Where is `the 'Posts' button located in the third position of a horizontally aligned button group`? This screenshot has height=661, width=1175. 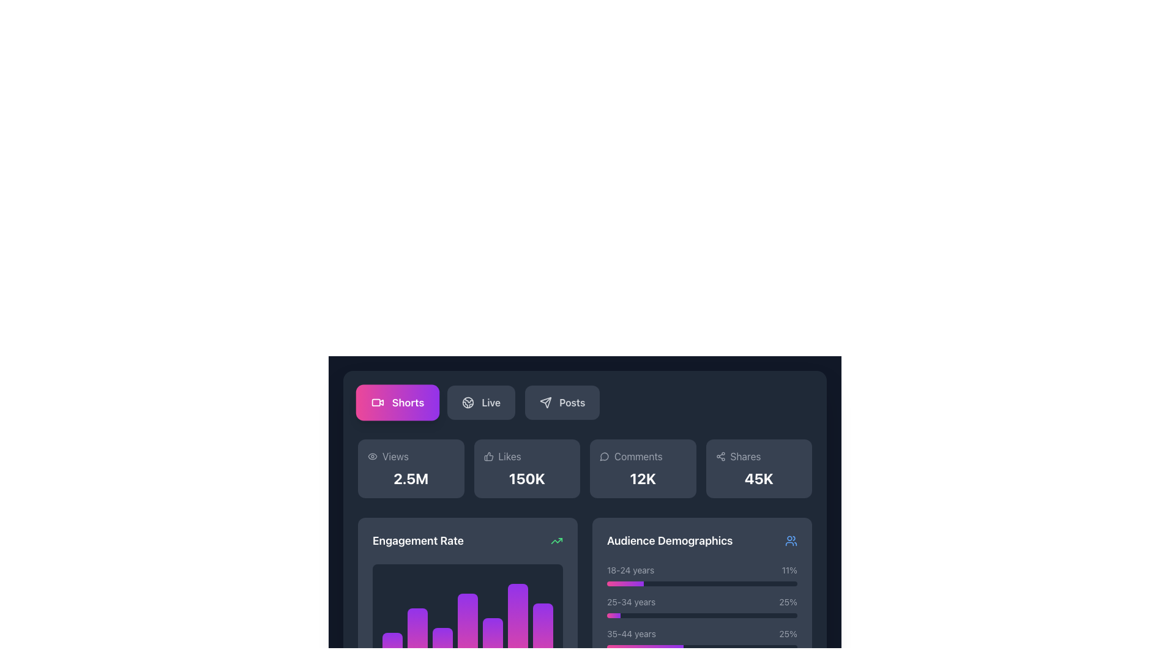
the 'Posts' button located in the third position of a horizontally aligned button group is located at coordinates (561, 403).